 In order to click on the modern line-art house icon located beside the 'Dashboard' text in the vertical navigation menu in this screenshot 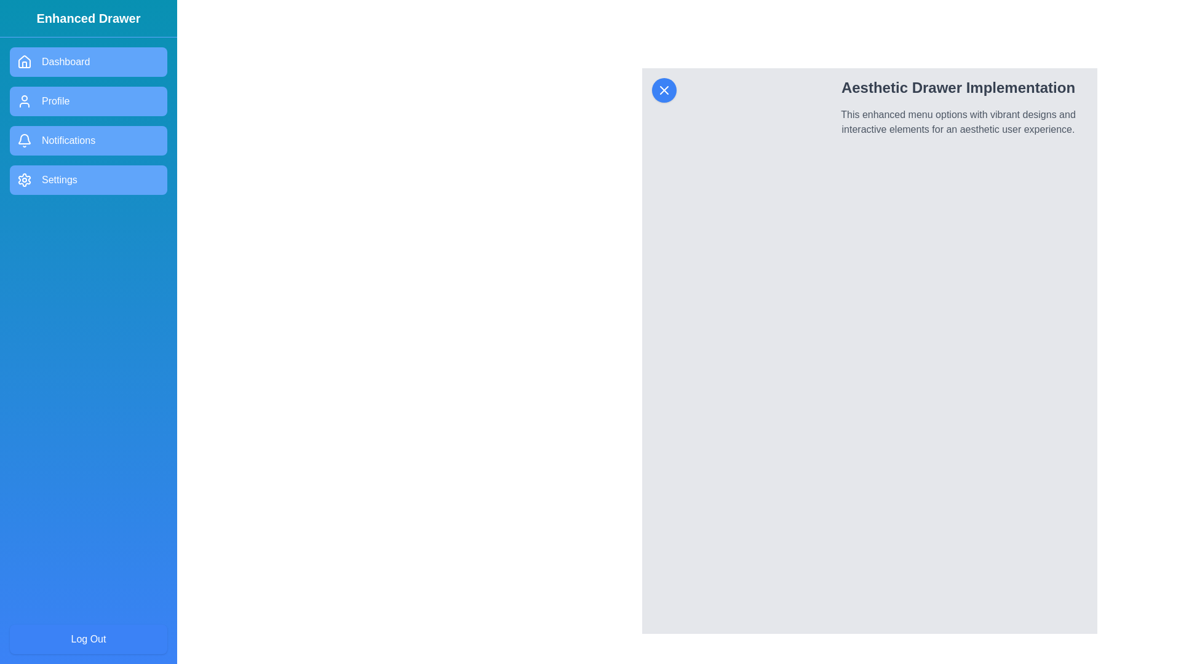, I will do `click(24, 61)`.